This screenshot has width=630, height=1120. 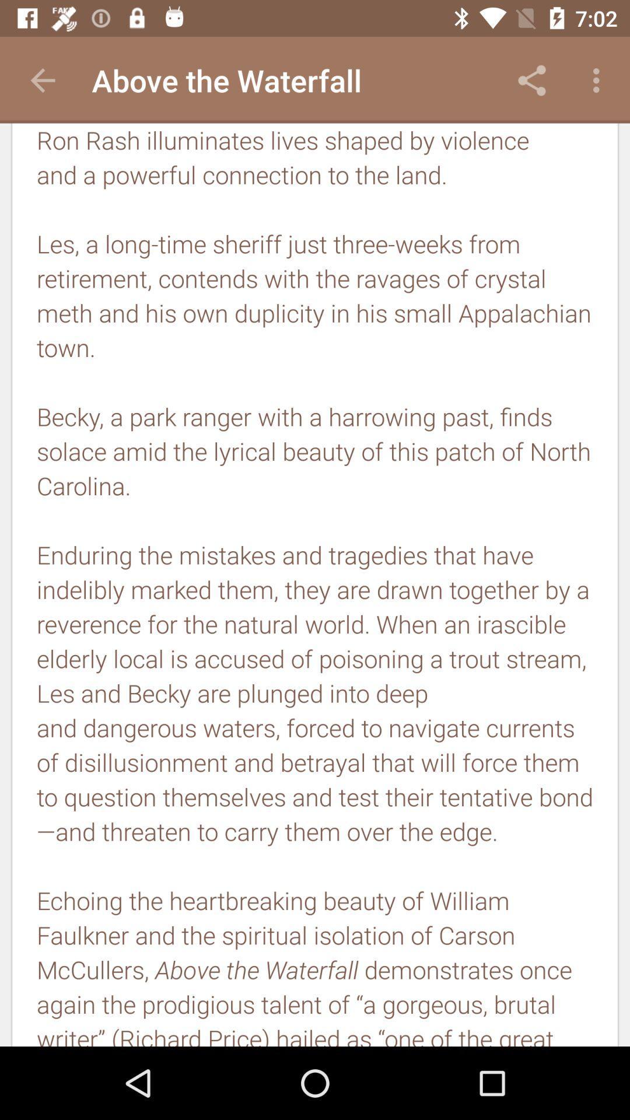 I want to click on app to the right of above the waterfall, so click(x=531, y=80).